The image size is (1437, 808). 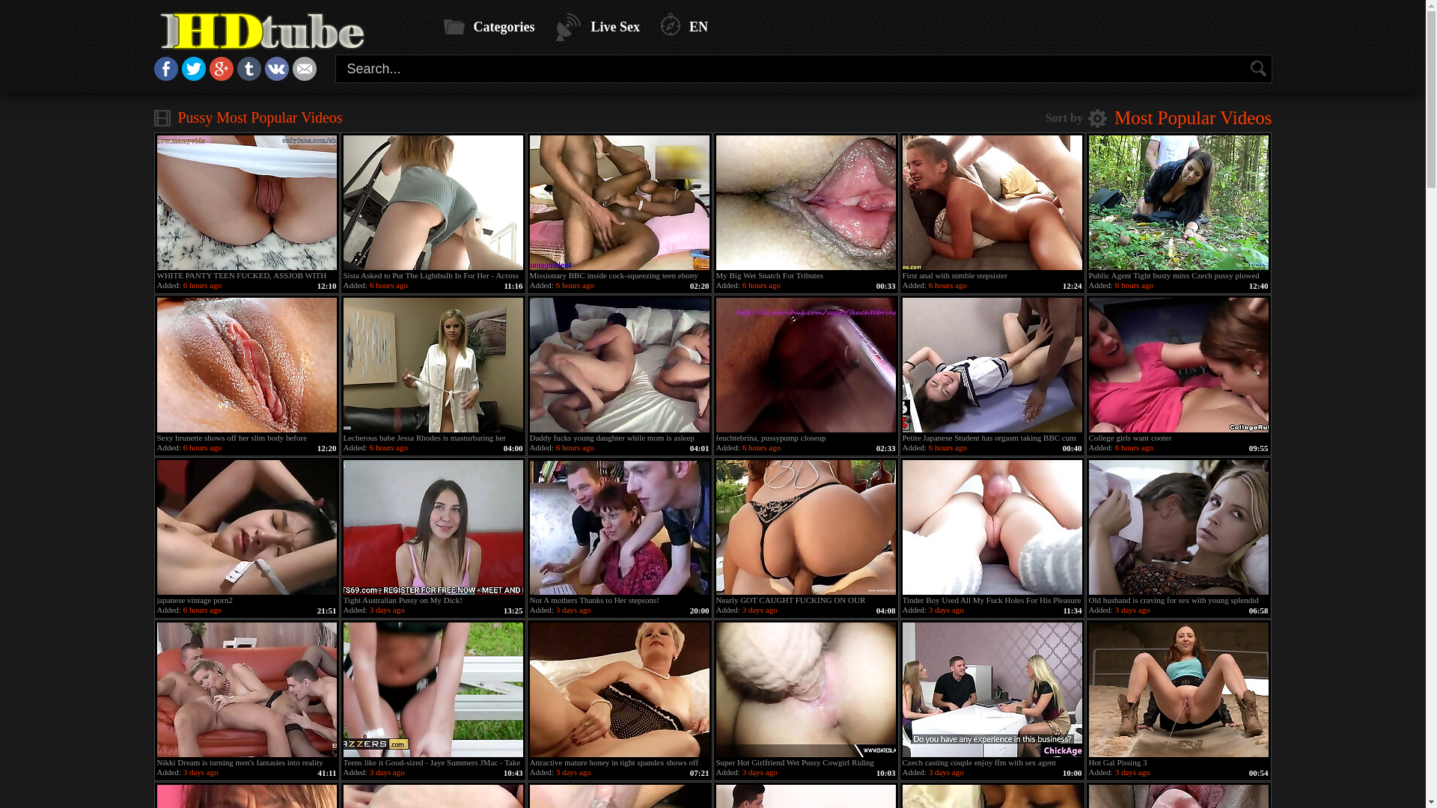 What do you see at coordinates (442, 26) in the screenshot?
I see `'Categories'` at bounding box center [442, 26].